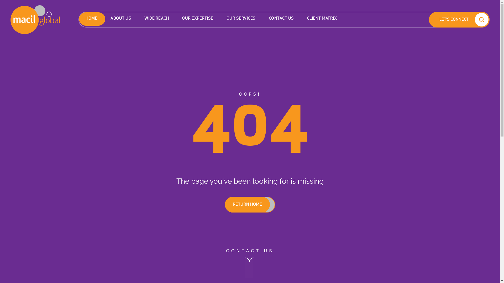 The height and width of the screenshot is (283, 504). I want to click on 'RETURN HOME', so click(247, 204).